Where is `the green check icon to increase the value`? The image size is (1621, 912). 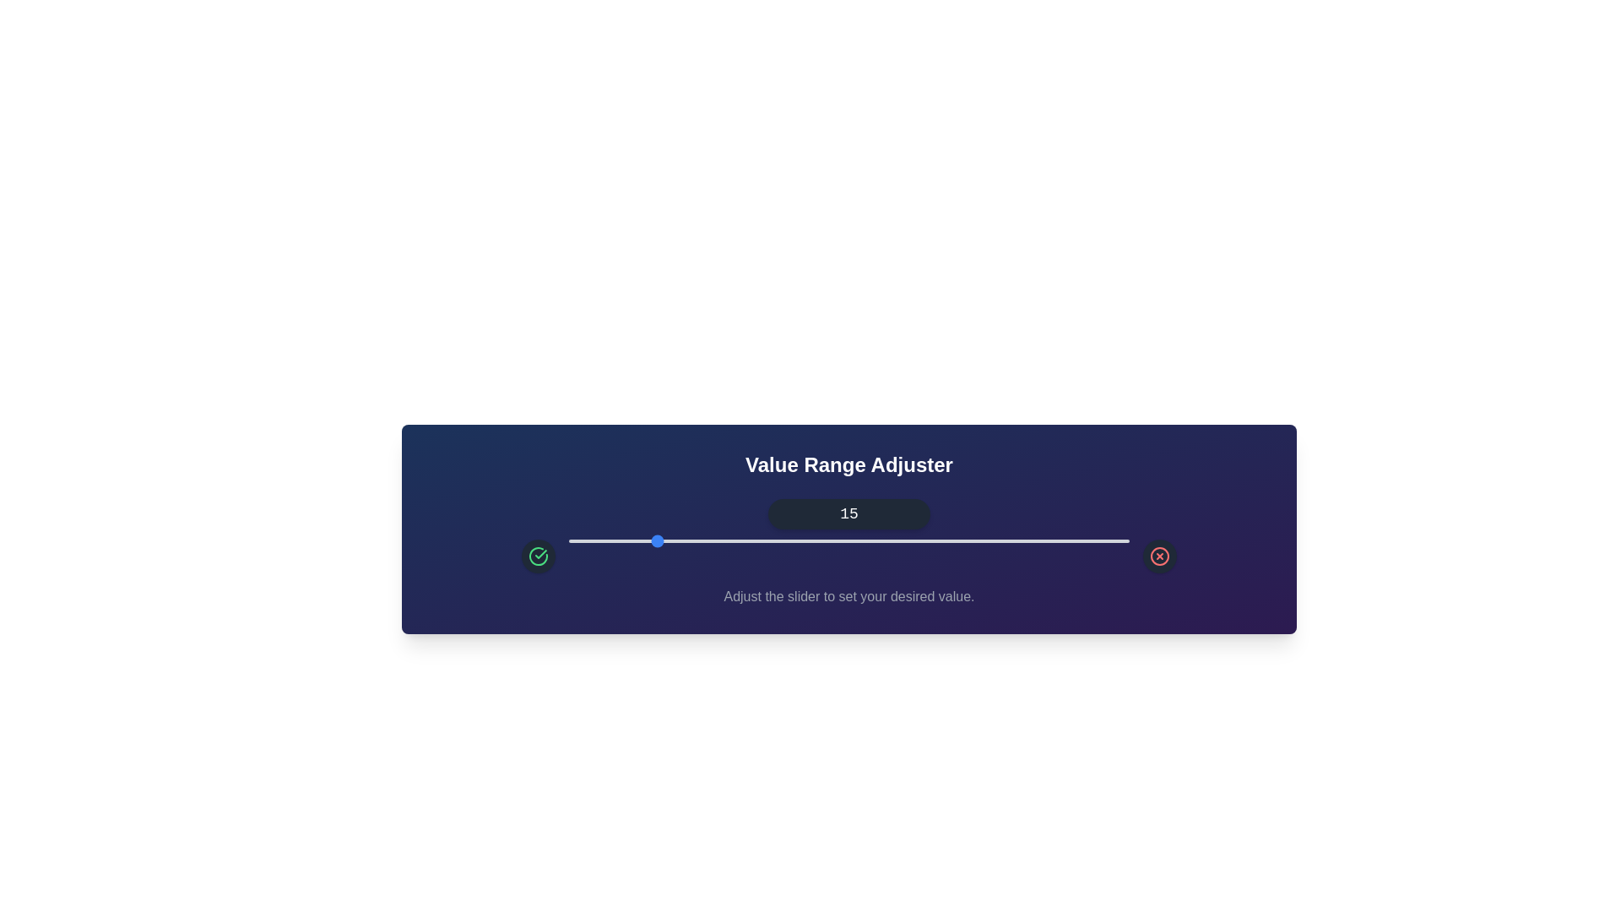
the green check icon to increase the value is located at coordinates (538, 556).